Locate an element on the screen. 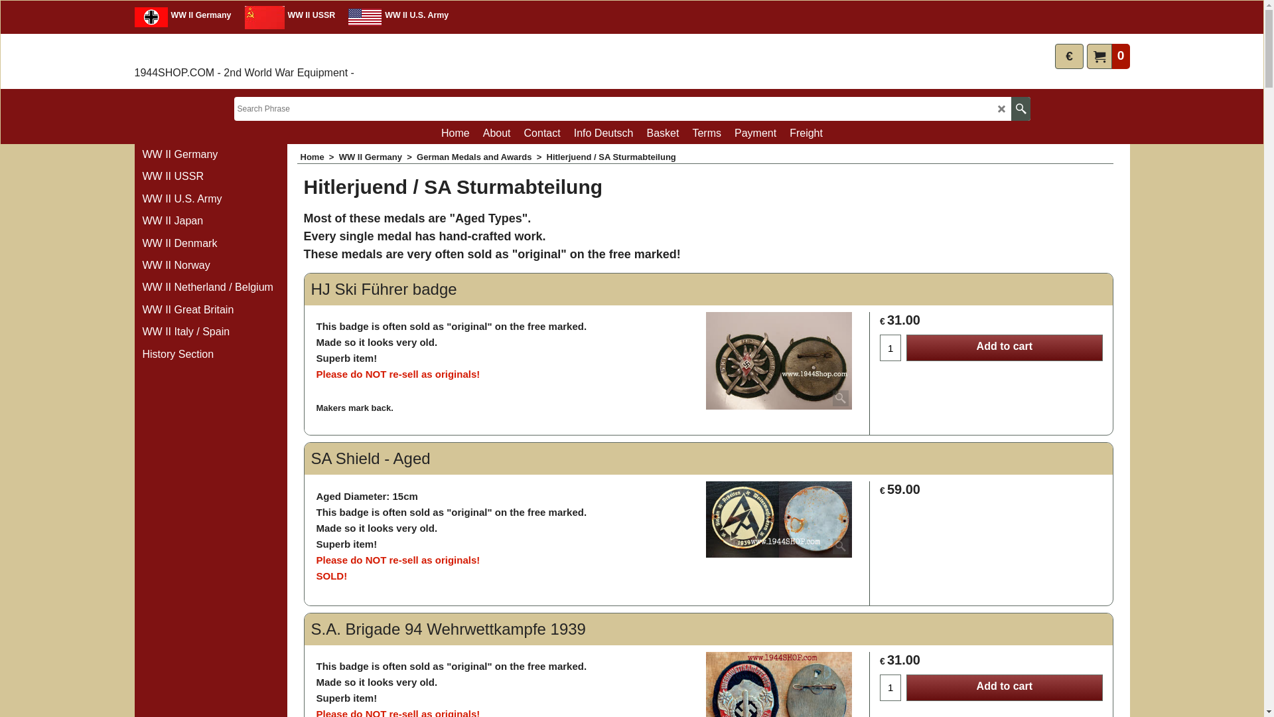 The image size is (1274, 717). 'Find' is located at coordinates (1020, 108).